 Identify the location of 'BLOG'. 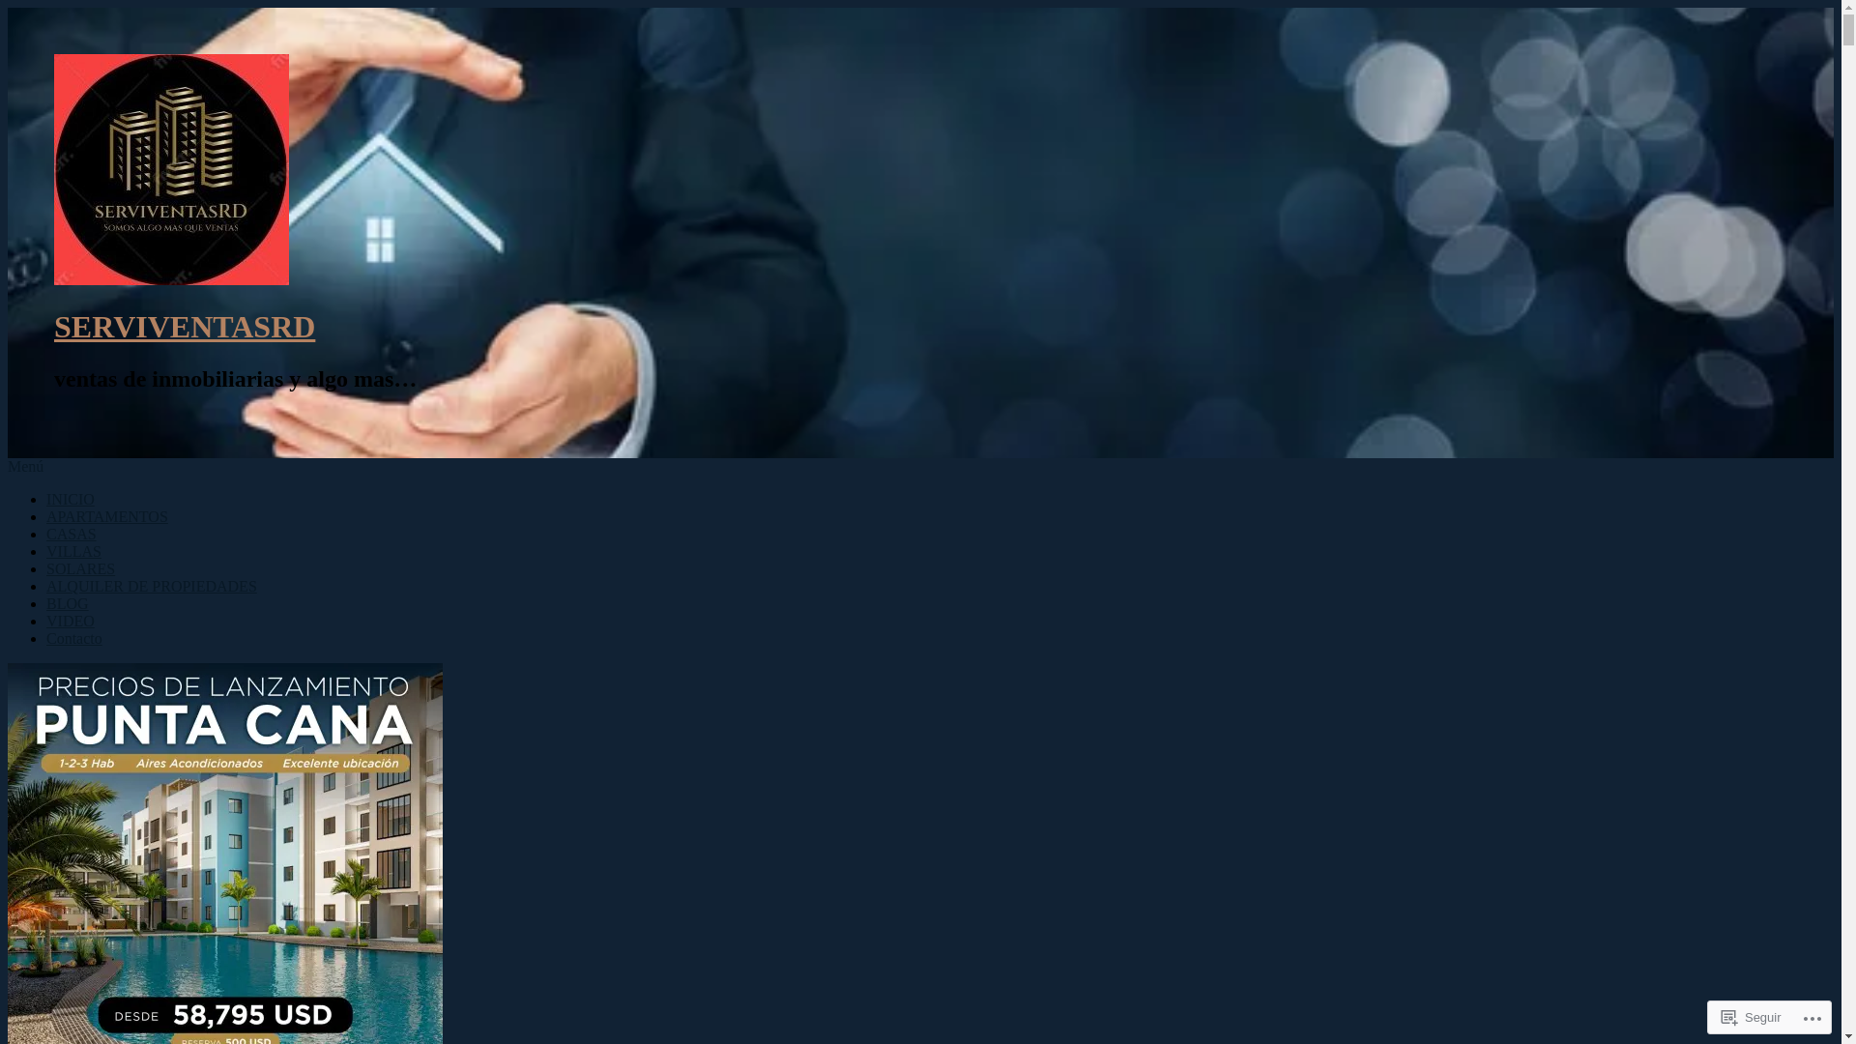
(68, 602).